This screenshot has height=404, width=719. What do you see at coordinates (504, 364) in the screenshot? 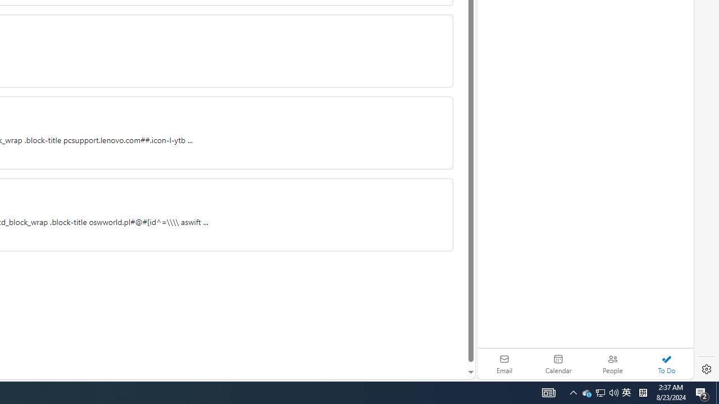
I see `'Email'` at bounding box center [504, 364].